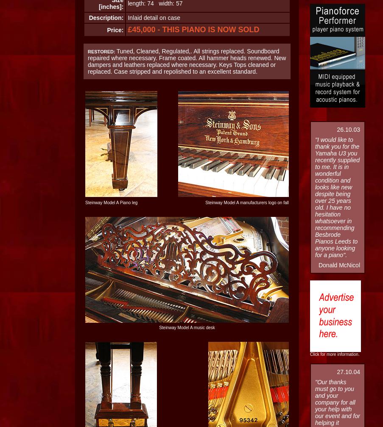 The width and height of the screenshot is (383, 427). I want to click on 'Inlaid detail on case', so click(154, 18).